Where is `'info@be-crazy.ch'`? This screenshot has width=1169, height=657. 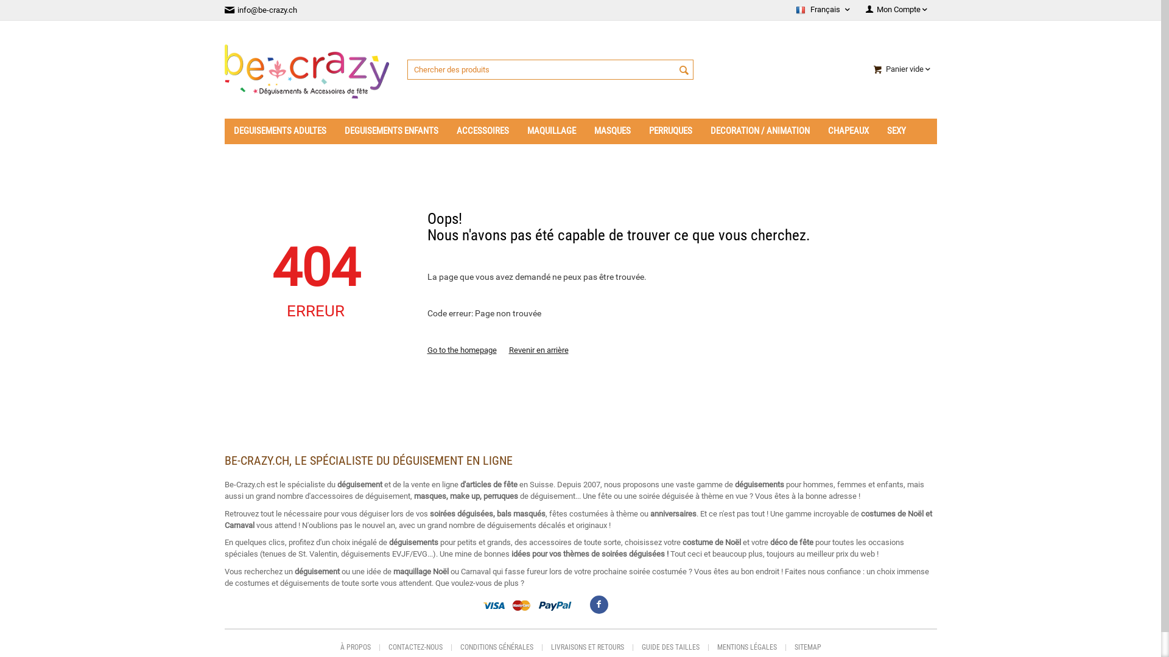
'info@be-crazy.ch' is located at coordinates (224, 10).